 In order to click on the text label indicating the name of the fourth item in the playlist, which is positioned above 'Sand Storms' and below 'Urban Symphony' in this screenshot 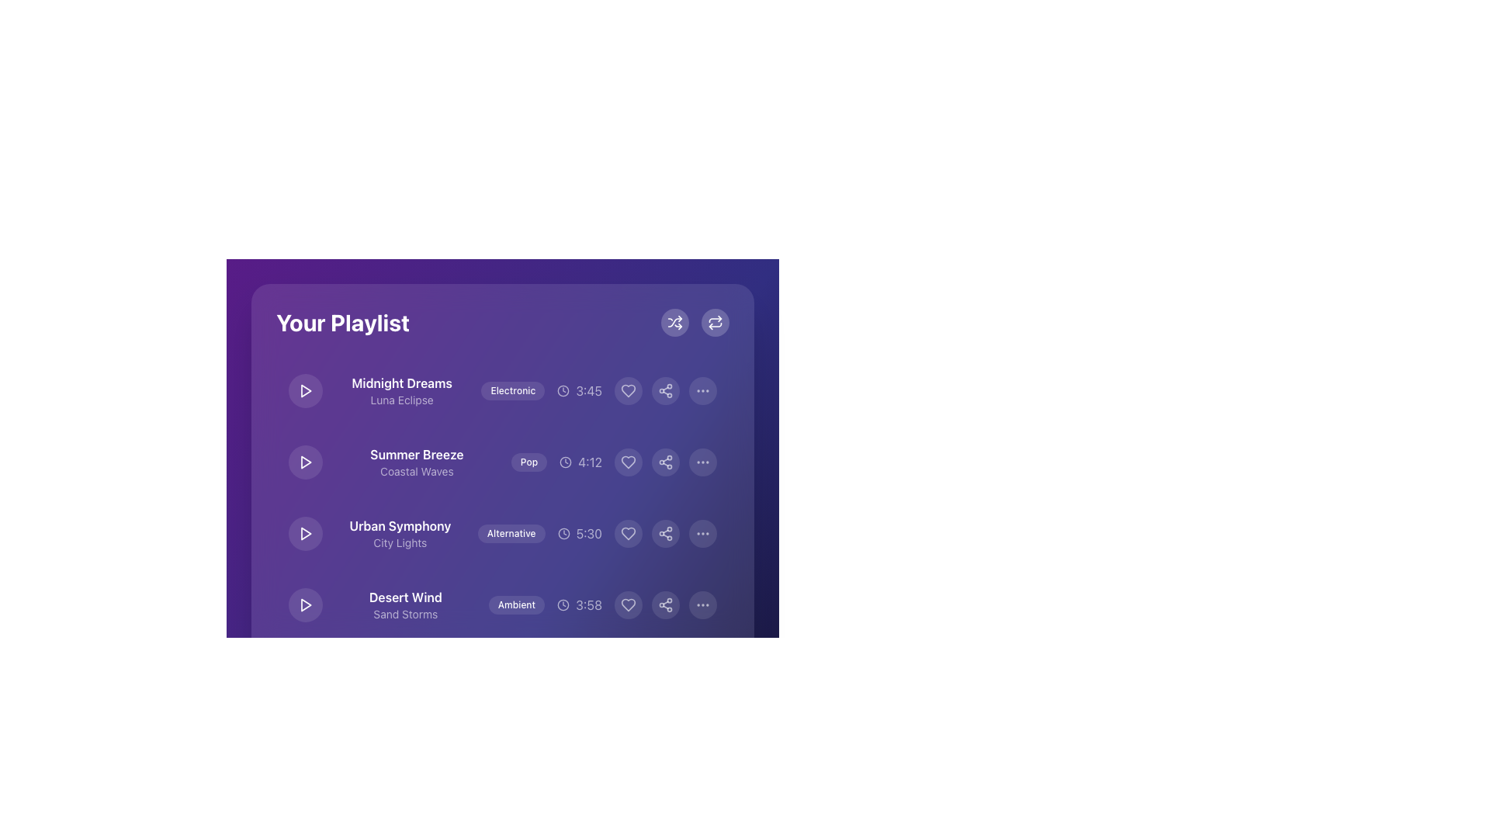, I will do `click(405, 597)`.